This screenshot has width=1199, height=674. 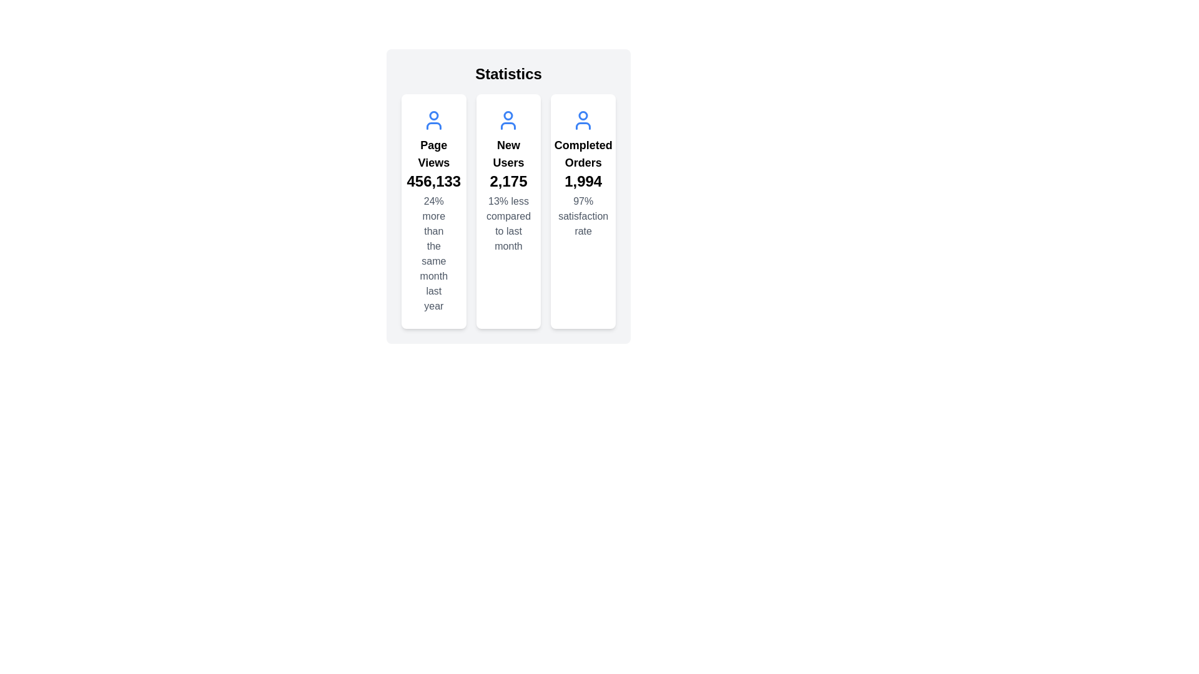 What do you see at coordinates (508, 120) in the screenshot?
I see `the New Users category icon, which is positioned at the top of the New Users card, centered above the text 'New Users', '2,175', and '13% less compared to last month'` at bounding box center [508, 120].